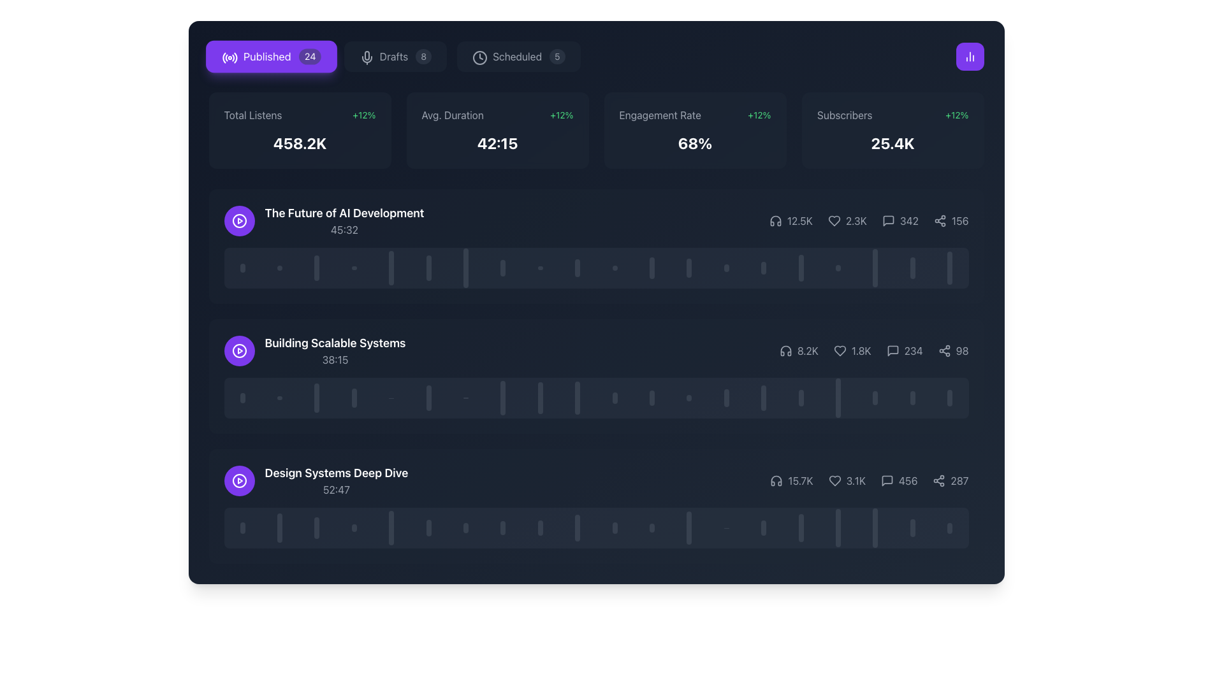 This screenshot has height=688, width=1224. Describe the element at coordinates (800, 538) in the screenshot. I see `the vertical slider` at that location.